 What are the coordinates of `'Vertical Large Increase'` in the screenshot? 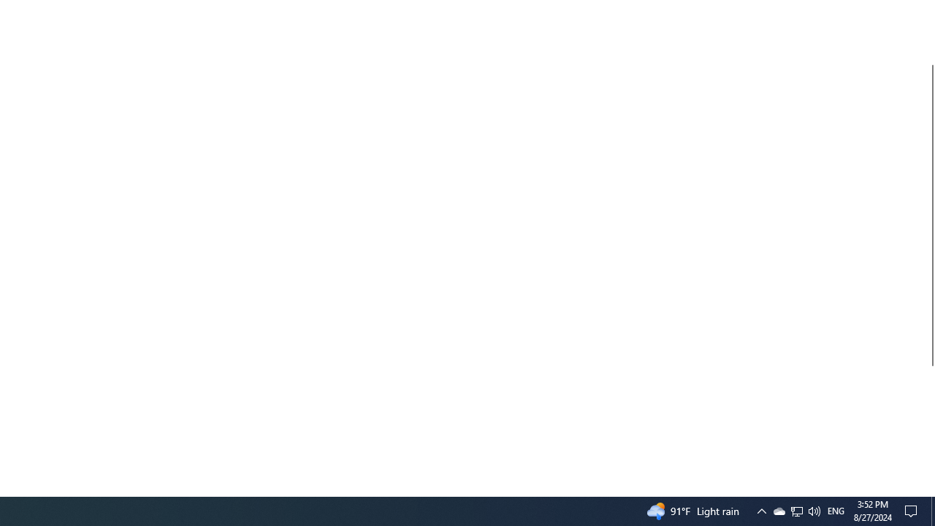 It's located at (928, 425).